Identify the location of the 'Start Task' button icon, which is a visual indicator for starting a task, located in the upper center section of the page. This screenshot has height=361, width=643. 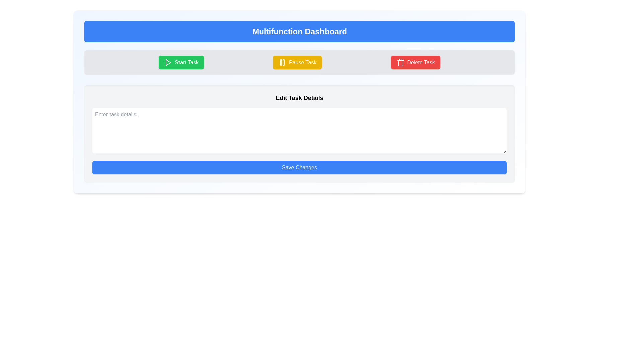
(168, 62).